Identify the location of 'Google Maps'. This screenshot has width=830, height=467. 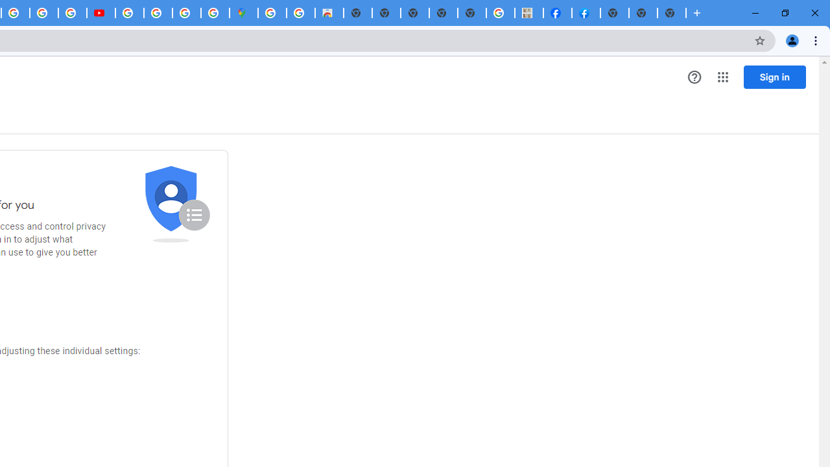
(244, 13).